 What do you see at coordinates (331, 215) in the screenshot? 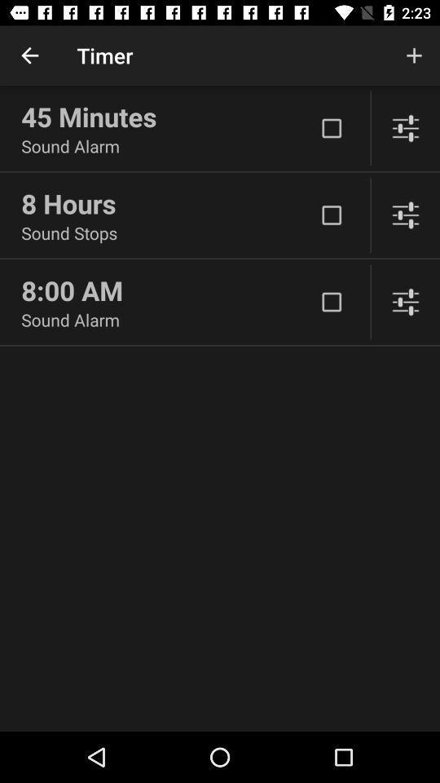
I see `the eight hours sound stops option` at bounding box center [331, 215].